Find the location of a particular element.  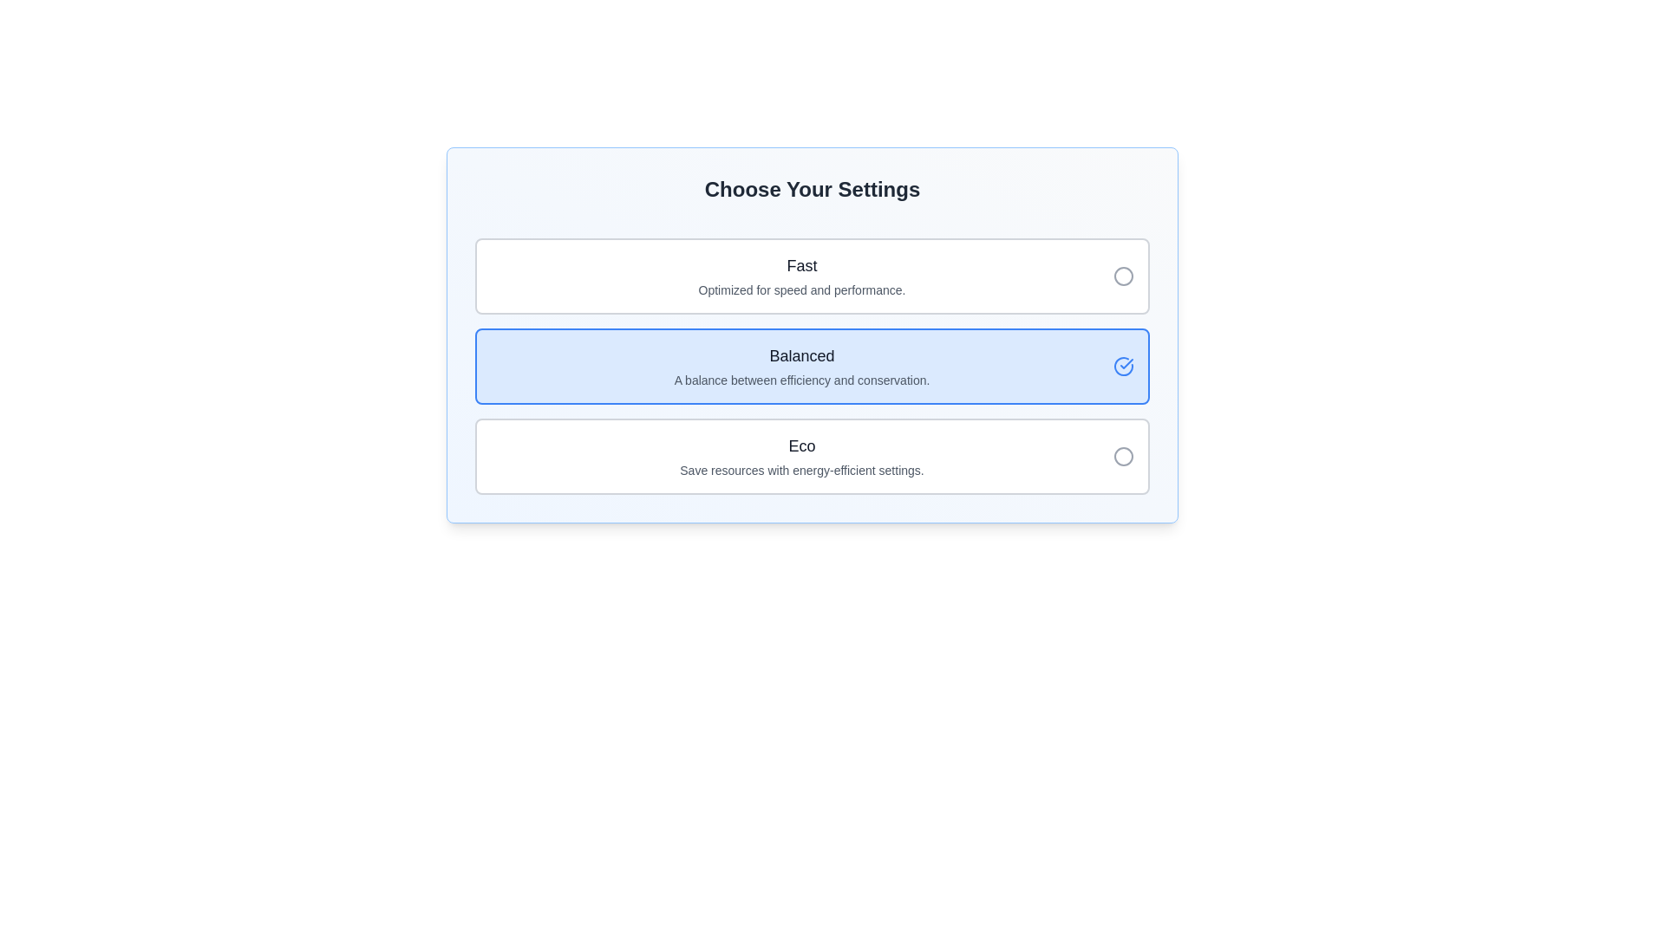

the text label displaying 'Eco' located at the top of the bottom card in a group of three vertically stacked cards is located at coordinates (801, 445).